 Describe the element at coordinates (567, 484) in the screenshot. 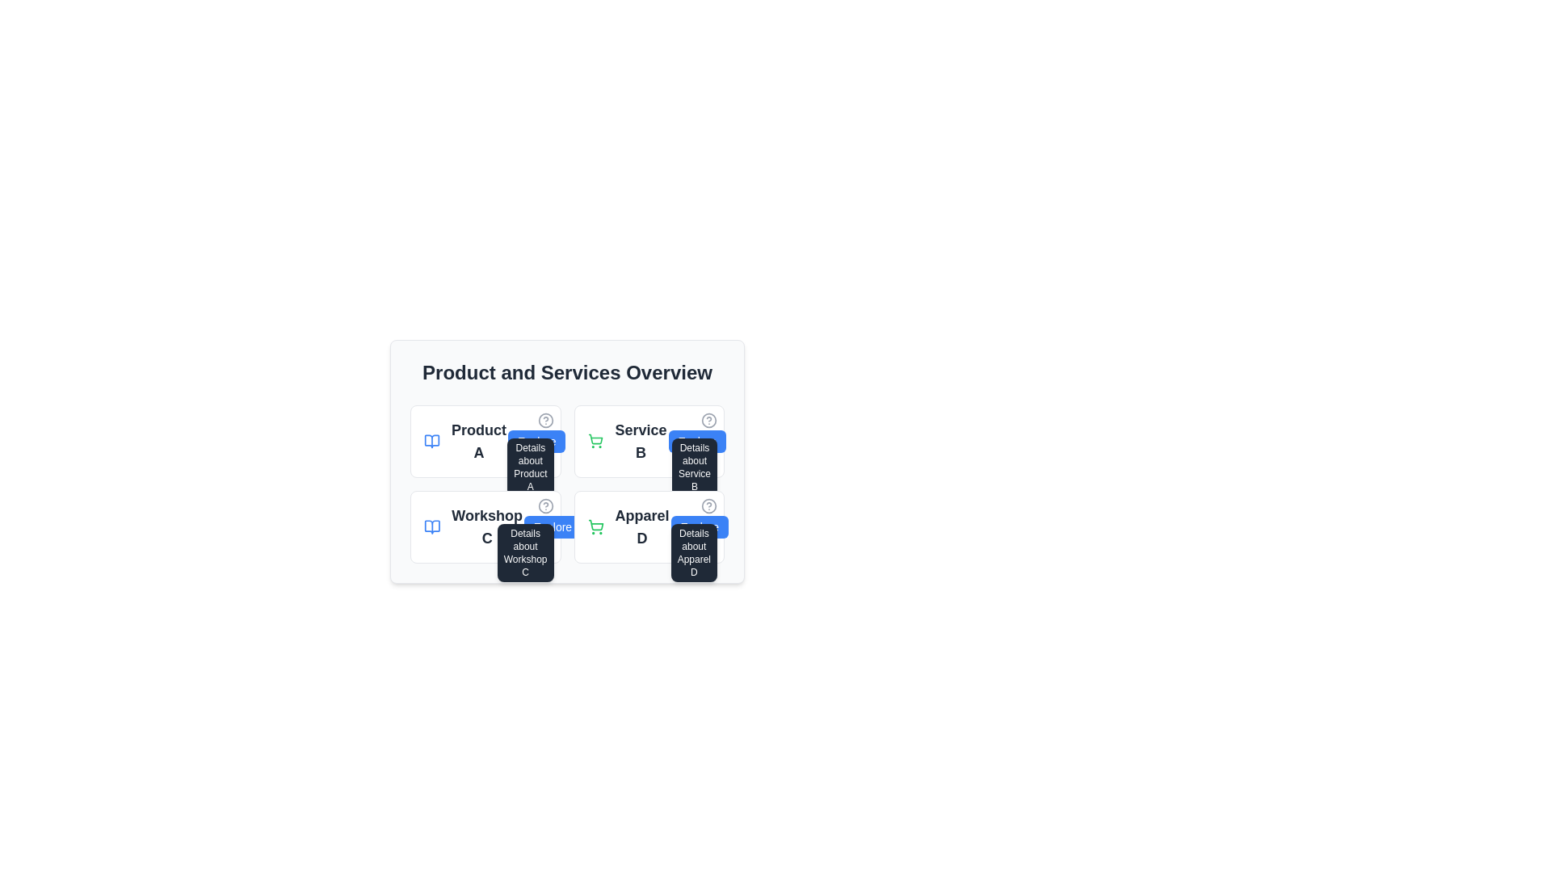

I see `details presented in the 'Workshop C' card layout, which includes an interactive 'Explore' button located in the bottom-left cell of the grid under 'Product and Services Overview.'` at that location.